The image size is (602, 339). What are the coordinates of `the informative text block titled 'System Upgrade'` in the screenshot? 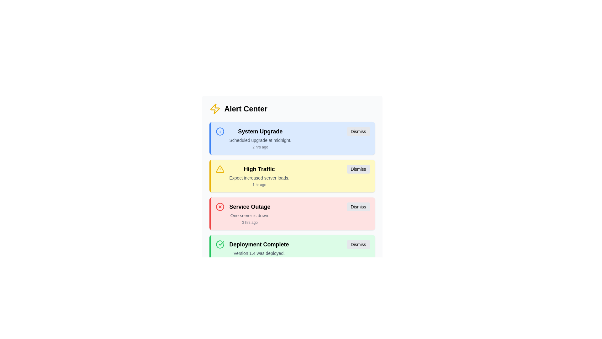 It's located at (260, 138).